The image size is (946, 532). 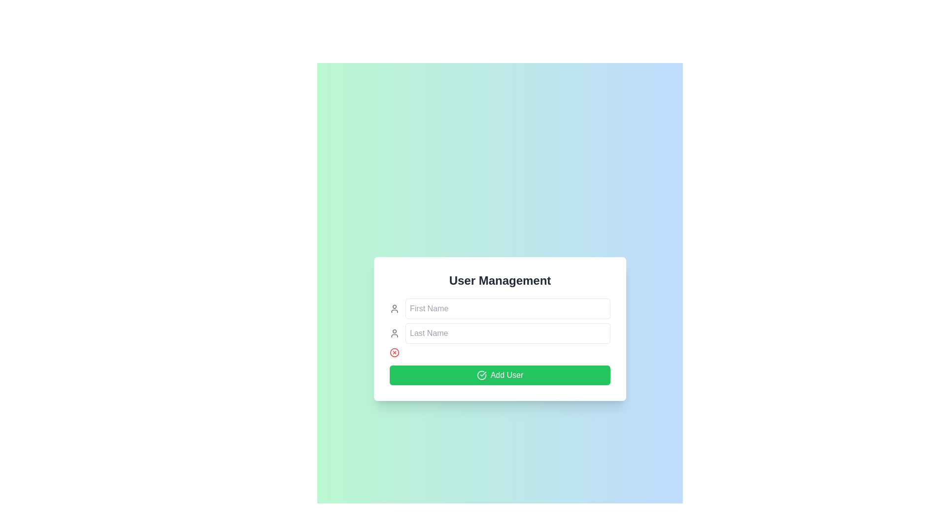 I want to click on the text label within the button that indicates adding a new user, so click(x=507, y=375).